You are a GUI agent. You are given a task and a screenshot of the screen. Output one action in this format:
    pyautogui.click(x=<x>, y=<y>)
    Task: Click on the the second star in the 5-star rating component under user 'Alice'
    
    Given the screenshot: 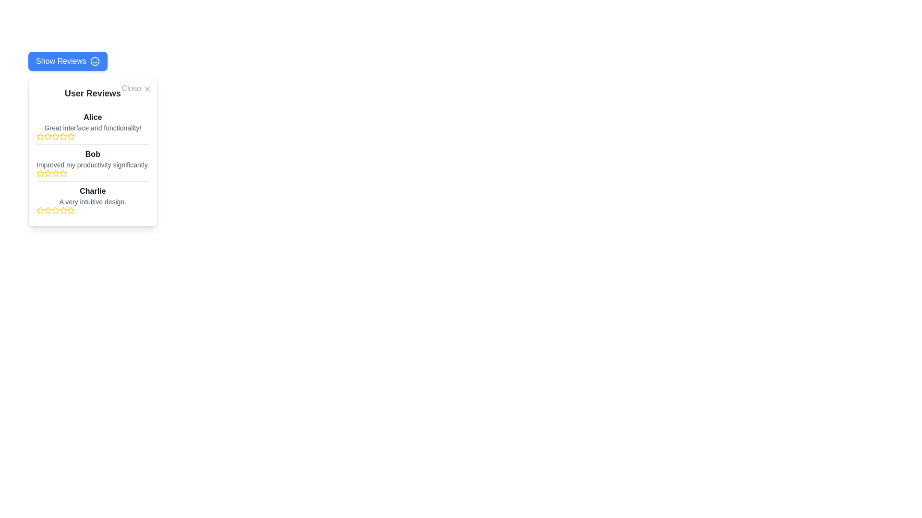 What is the action you would take?
    pyautogui.click(x=55, y=136)
    